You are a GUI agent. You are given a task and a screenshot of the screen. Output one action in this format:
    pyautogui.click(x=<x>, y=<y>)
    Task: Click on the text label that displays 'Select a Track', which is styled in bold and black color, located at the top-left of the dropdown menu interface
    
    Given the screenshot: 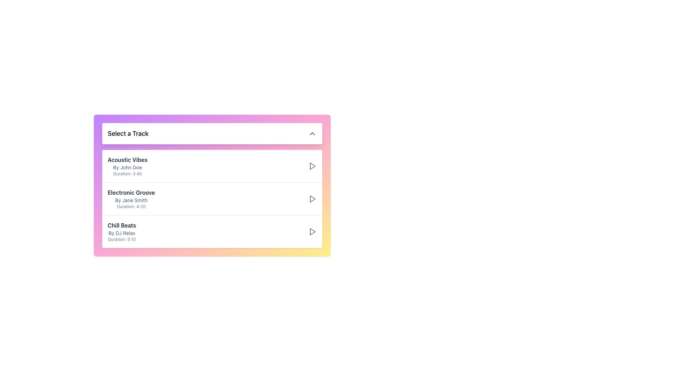 What is the action you would take?
    pyautogui.click(x=128, y=133)
    